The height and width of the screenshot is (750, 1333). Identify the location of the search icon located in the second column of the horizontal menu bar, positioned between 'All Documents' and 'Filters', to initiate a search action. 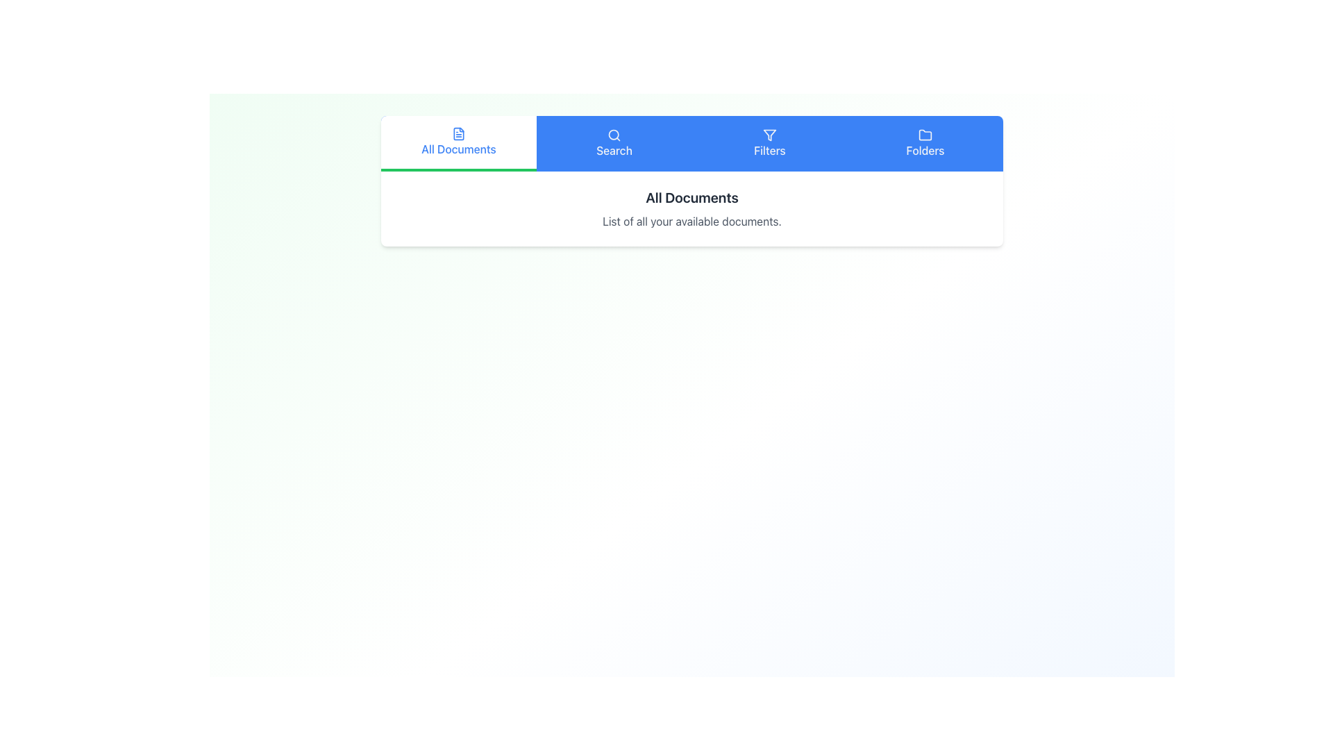
(613, 135).